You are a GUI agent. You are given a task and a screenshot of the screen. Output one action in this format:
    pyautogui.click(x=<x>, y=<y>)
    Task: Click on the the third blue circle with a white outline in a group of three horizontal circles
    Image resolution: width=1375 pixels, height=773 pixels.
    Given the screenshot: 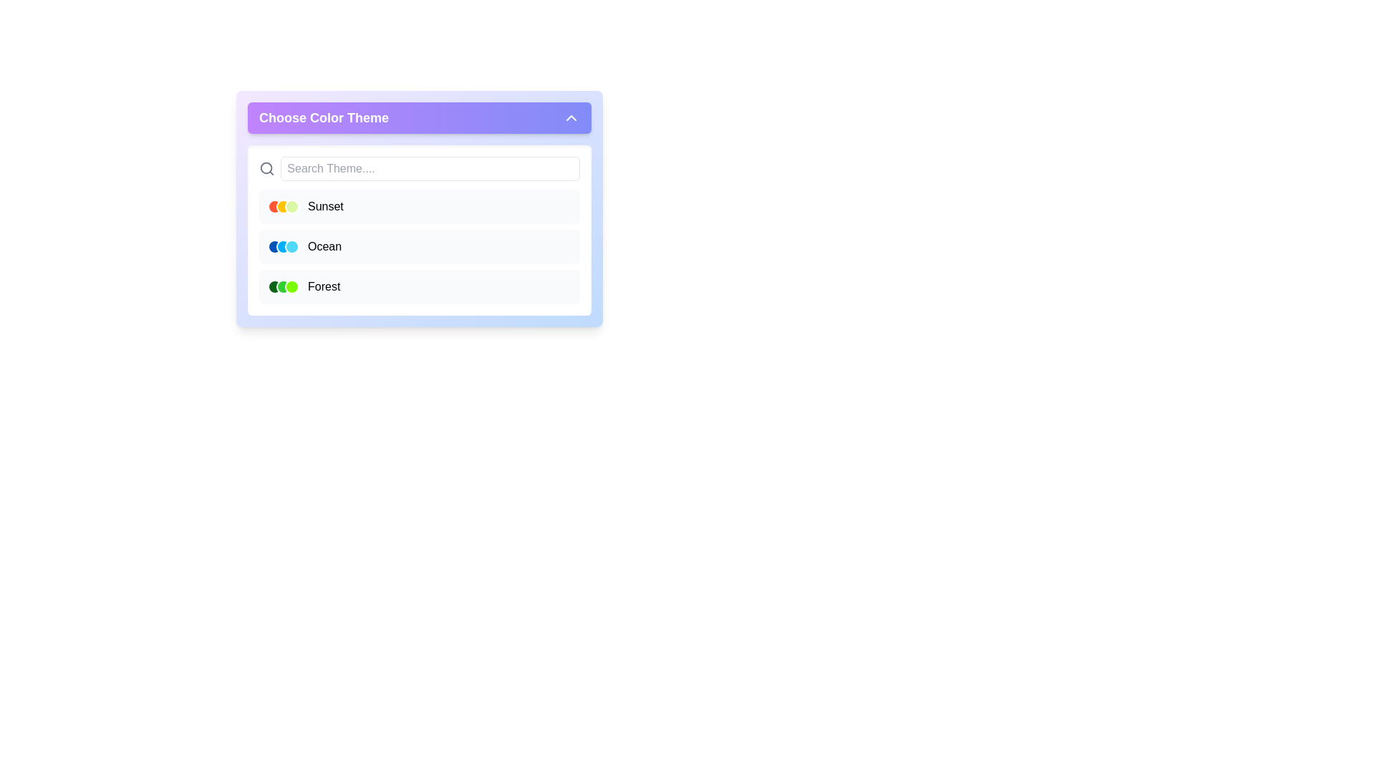 What is the action you would take?
    pyautogui.click(x=291, y=245)
    